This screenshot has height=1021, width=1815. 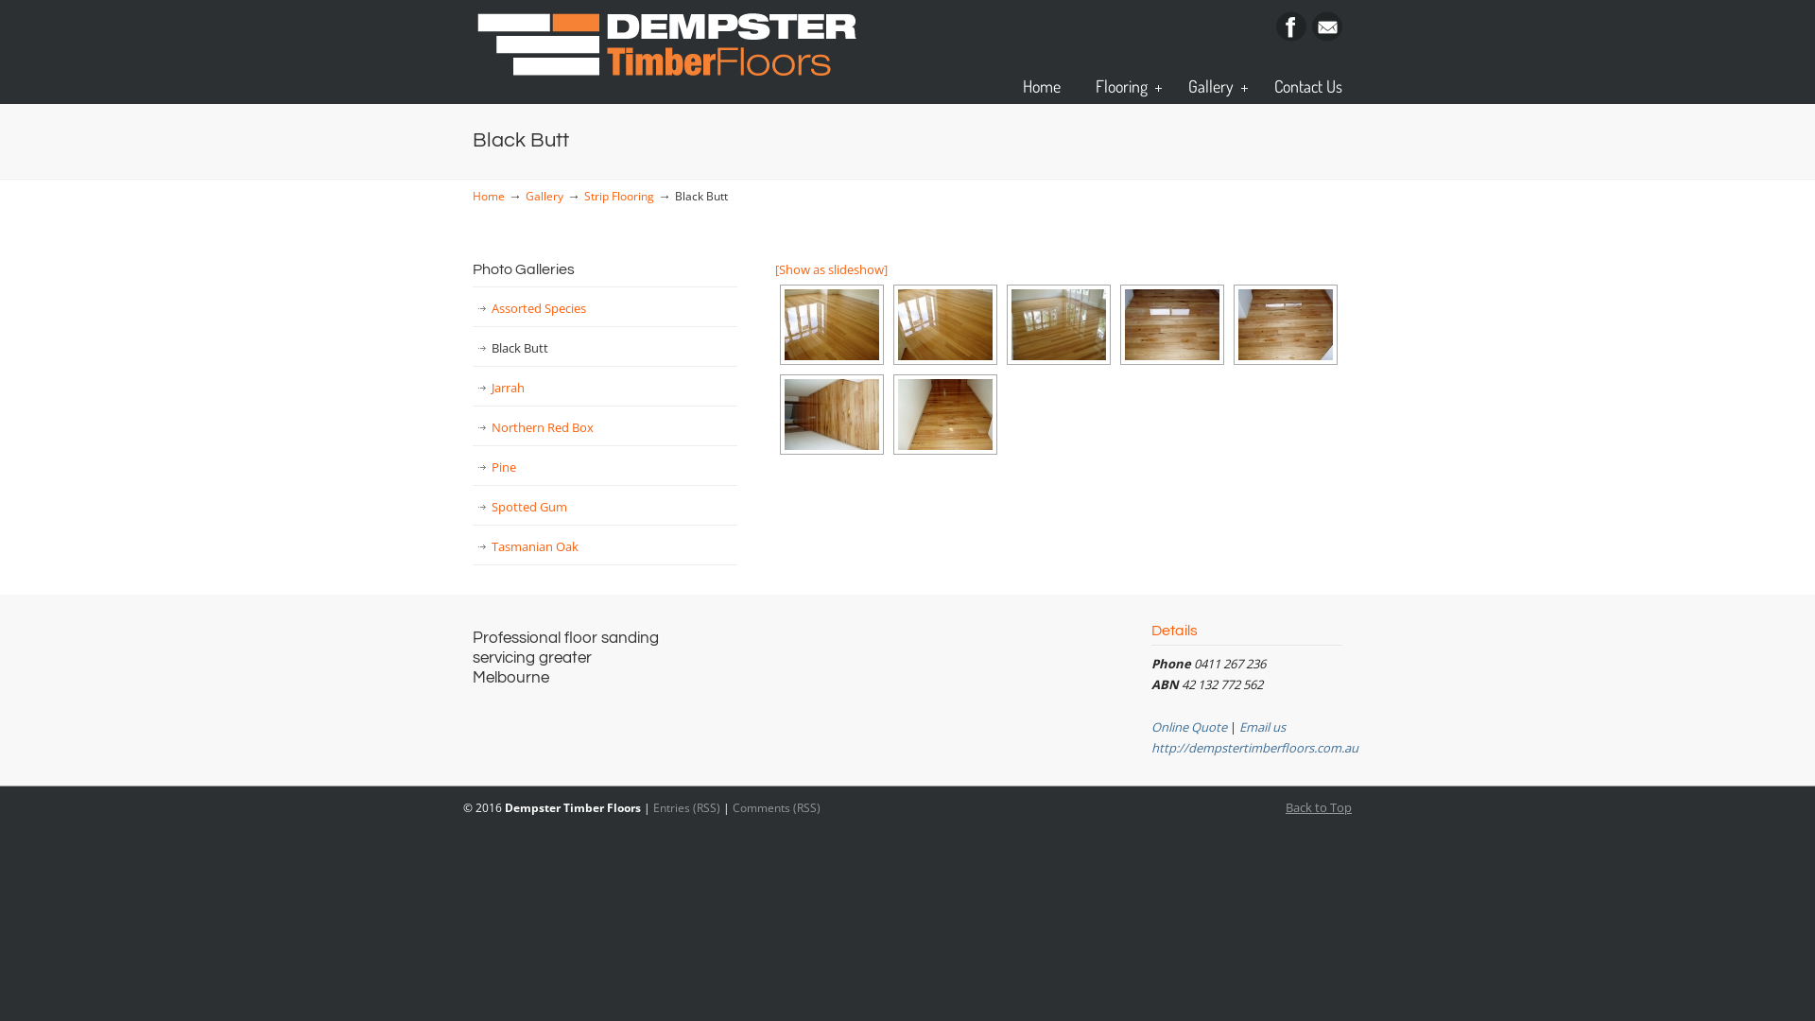 What do you see at coordinates (1057, 323) in the screenshot?
I see `'OLYMPUS DIGITAL CAMERA'` at bounding box center [1057, 323].